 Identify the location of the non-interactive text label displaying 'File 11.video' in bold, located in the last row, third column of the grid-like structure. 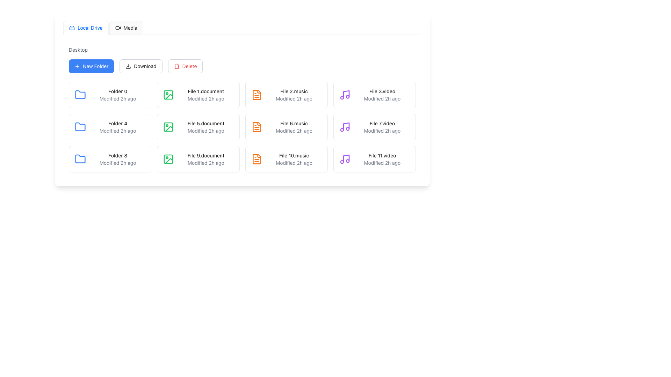
(382, 159).